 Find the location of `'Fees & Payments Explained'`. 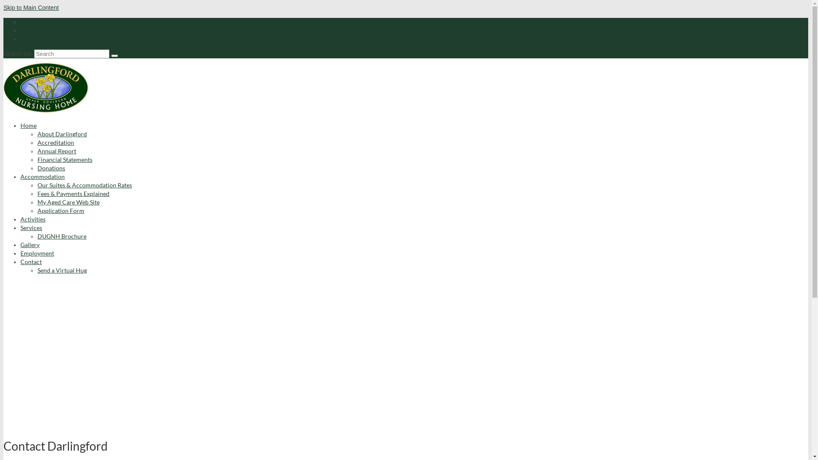

'Fees & Payments Explained' is located at coordinates (73, 193).